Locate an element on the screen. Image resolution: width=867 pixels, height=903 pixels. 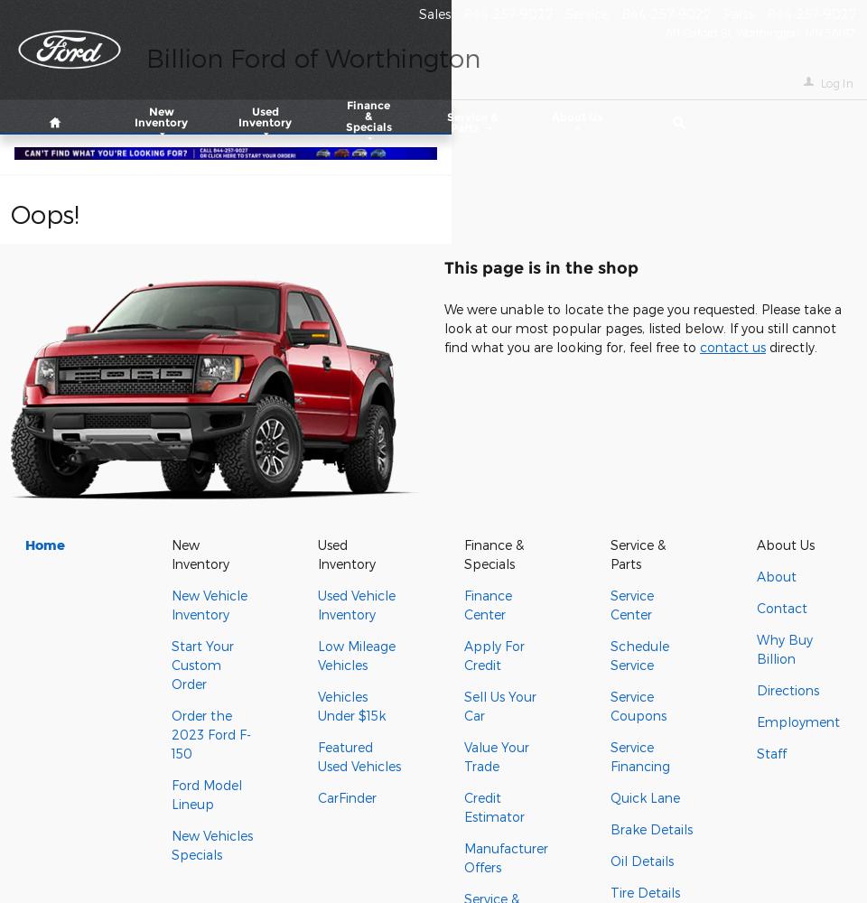
'Apply For Credit' is located at coordinates (494, 655).